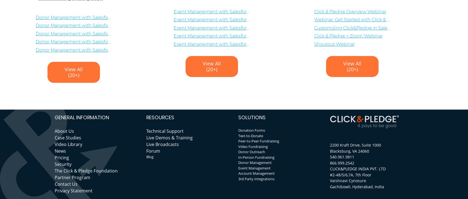 The width and height of the screenshot is (468, 199). Describe the element at coordinates (228, 27) in the screenshot. I see `'Event Management with Salesforce: Registrations'` at that location.